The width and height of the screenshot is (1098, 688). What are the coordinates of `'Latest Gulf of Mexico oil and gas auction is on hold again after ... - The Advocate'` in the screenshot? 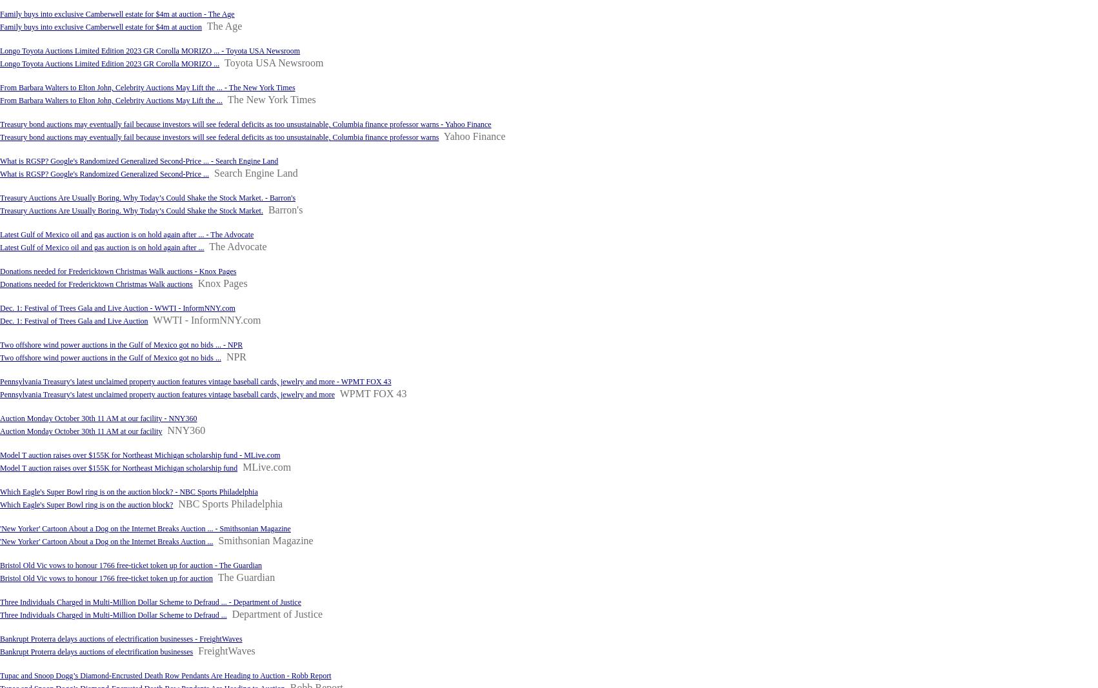 It's located at (126, 233).